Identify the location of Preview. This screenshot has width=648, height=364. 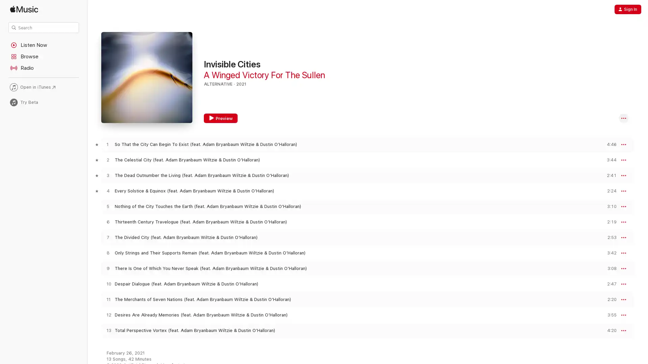
(609, 175).